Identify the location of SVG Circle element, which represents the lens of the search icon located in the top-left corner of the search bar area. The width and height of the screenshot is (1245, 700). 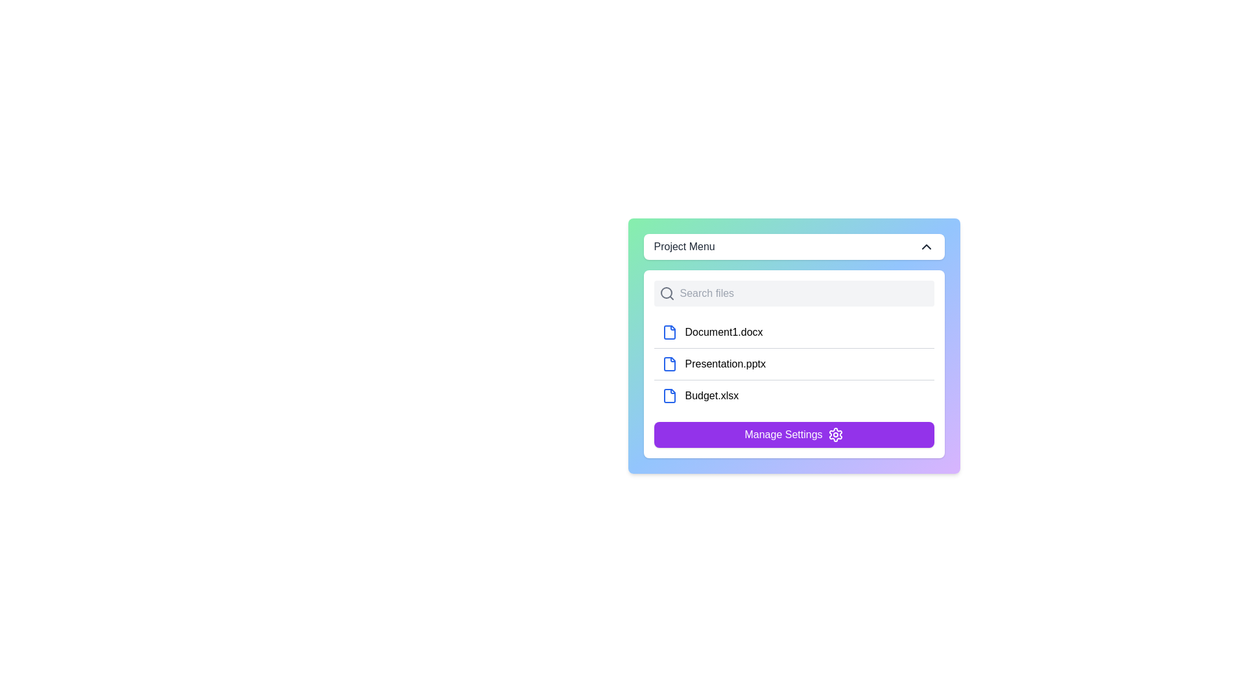
(666, 292).